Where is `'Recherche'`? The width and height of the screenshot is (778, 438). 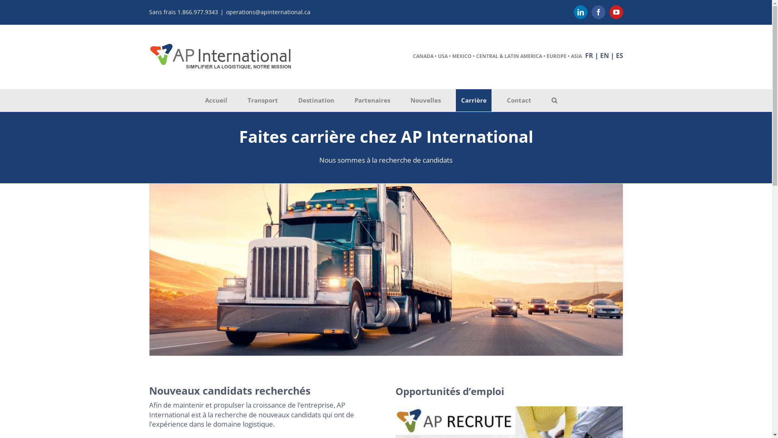
'Recherche' is located at coordinates (554, 100).